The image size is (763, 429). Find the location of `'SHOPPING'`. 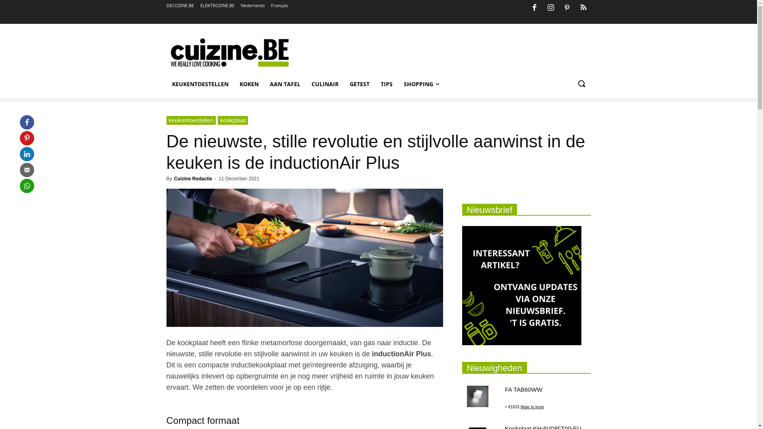

'SHOPPING' is located at coordinates (421, 84).